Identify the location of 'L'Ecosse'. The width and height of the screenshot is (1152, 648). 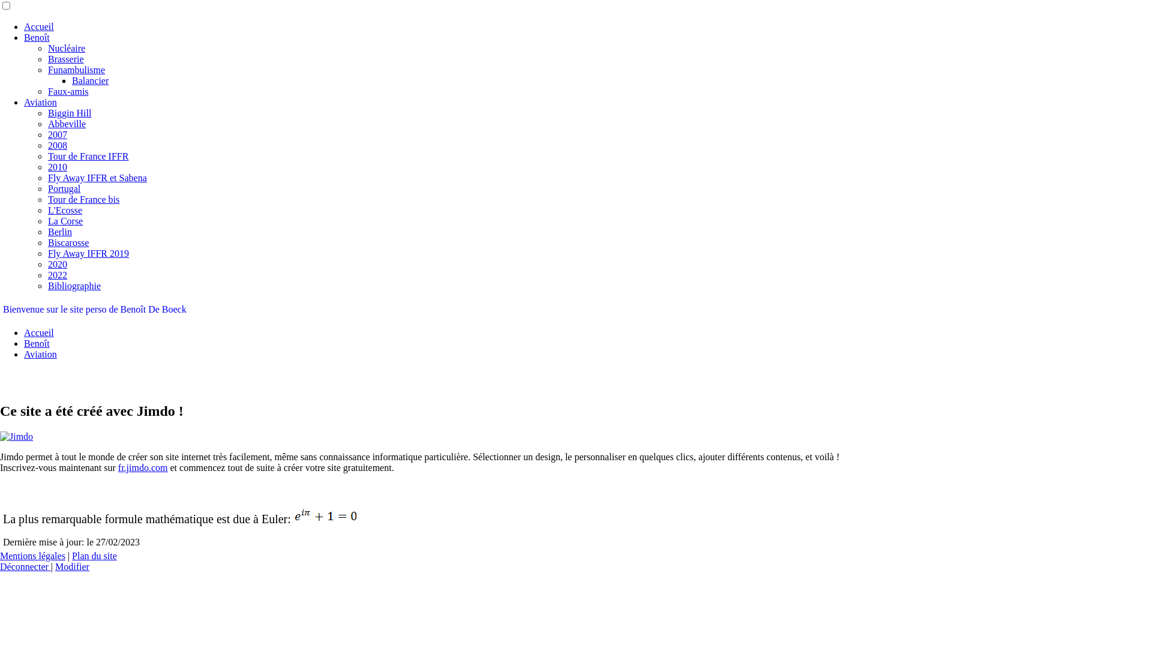
(64, 209).